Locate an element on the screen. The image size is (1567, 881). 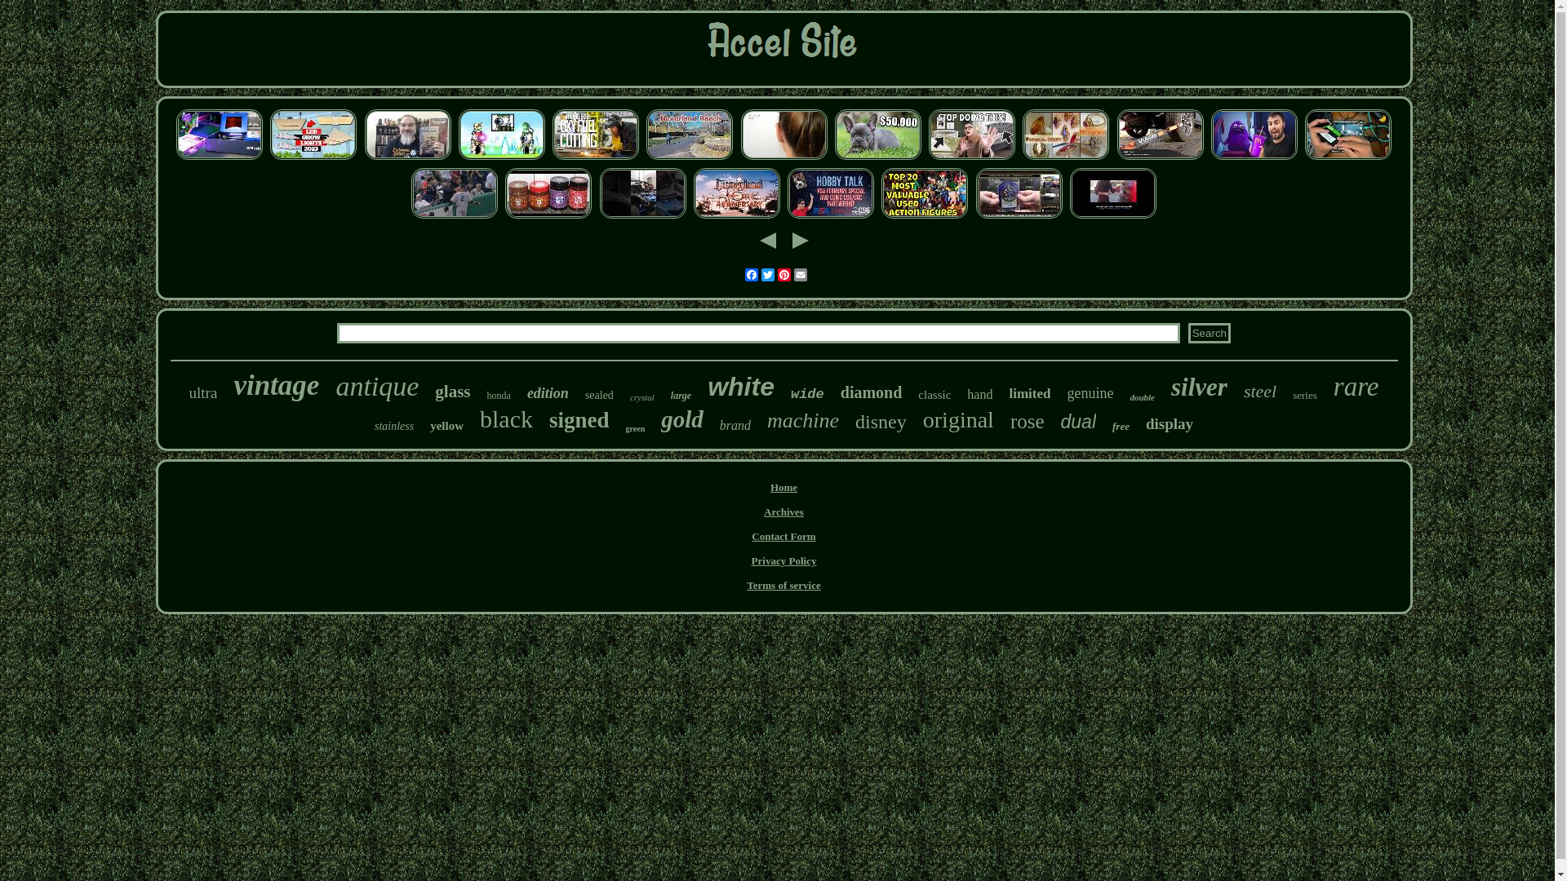
'display' is located at coordinates (1169, 423).